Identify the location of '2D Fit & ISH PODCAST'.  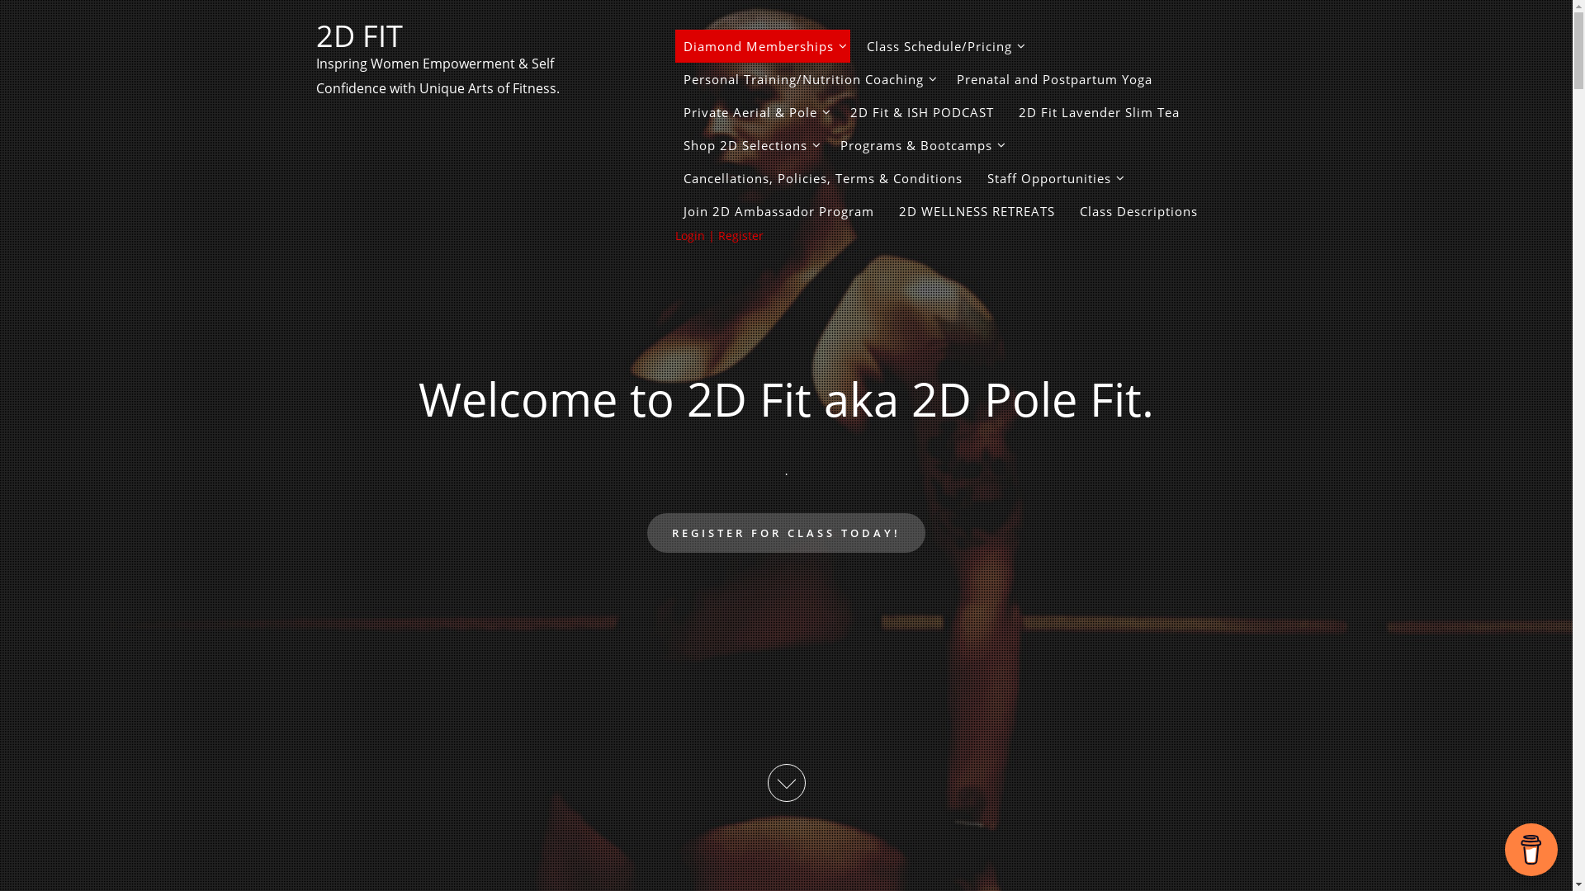
(921, 111).